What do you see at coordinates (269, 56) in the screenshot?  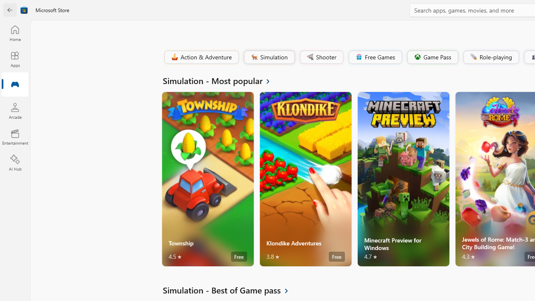 I see `'Simulation'` at bounding box center [269, 56].